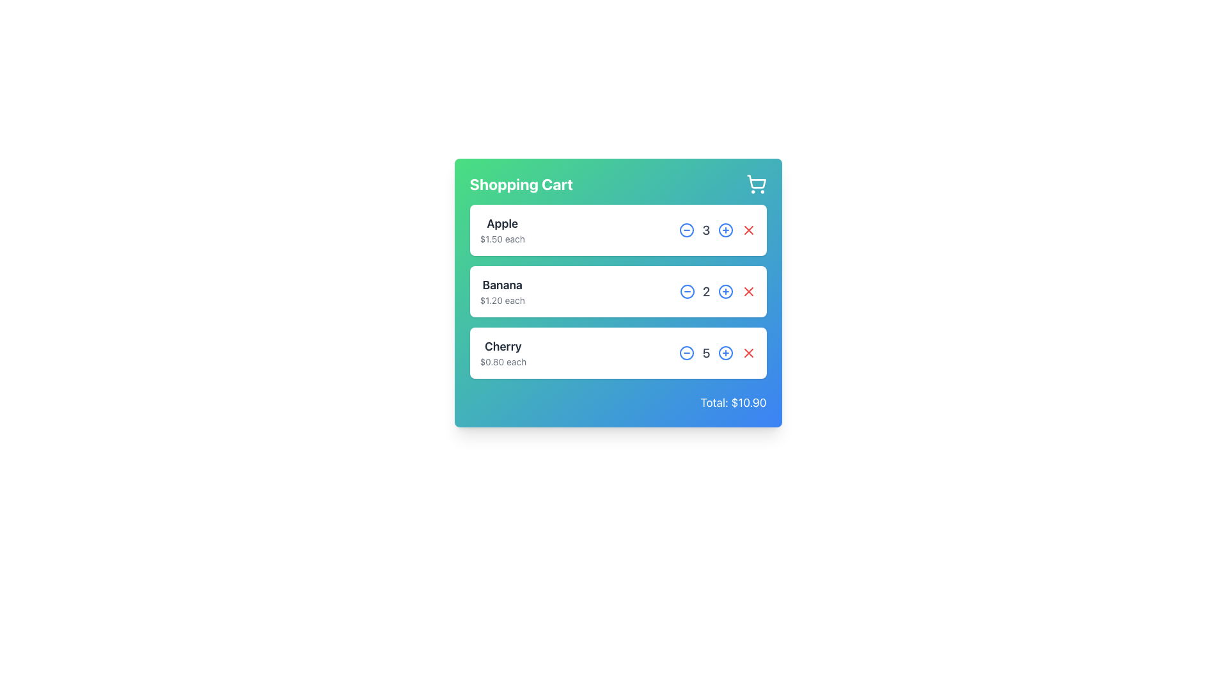  I want to click on the button at the rightmost end of the 'Banana' item row in the shopping list interface, so click(748, 291).